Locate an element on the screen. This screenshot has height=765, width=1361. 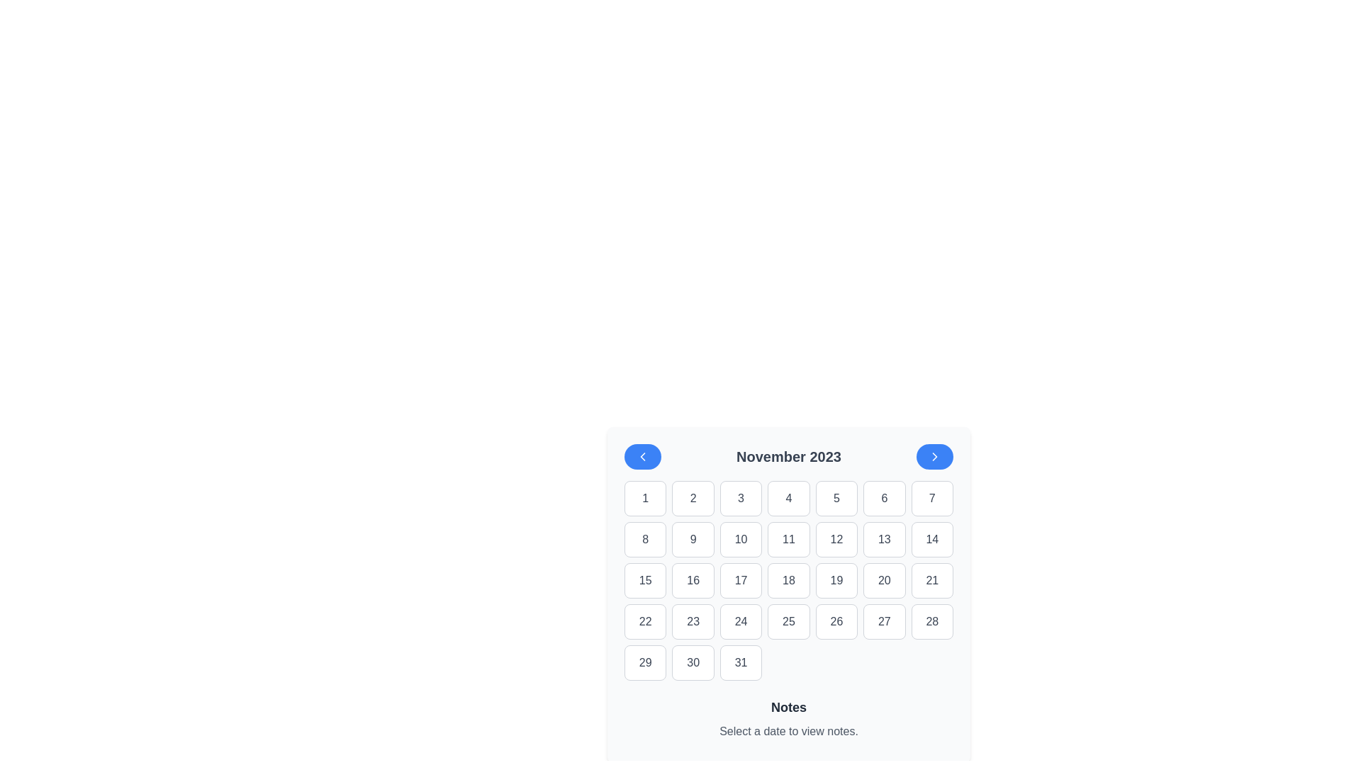
the button representing the 25th of November in the calendar interface to trigger the hover effect is located at coordinates (788, 621).